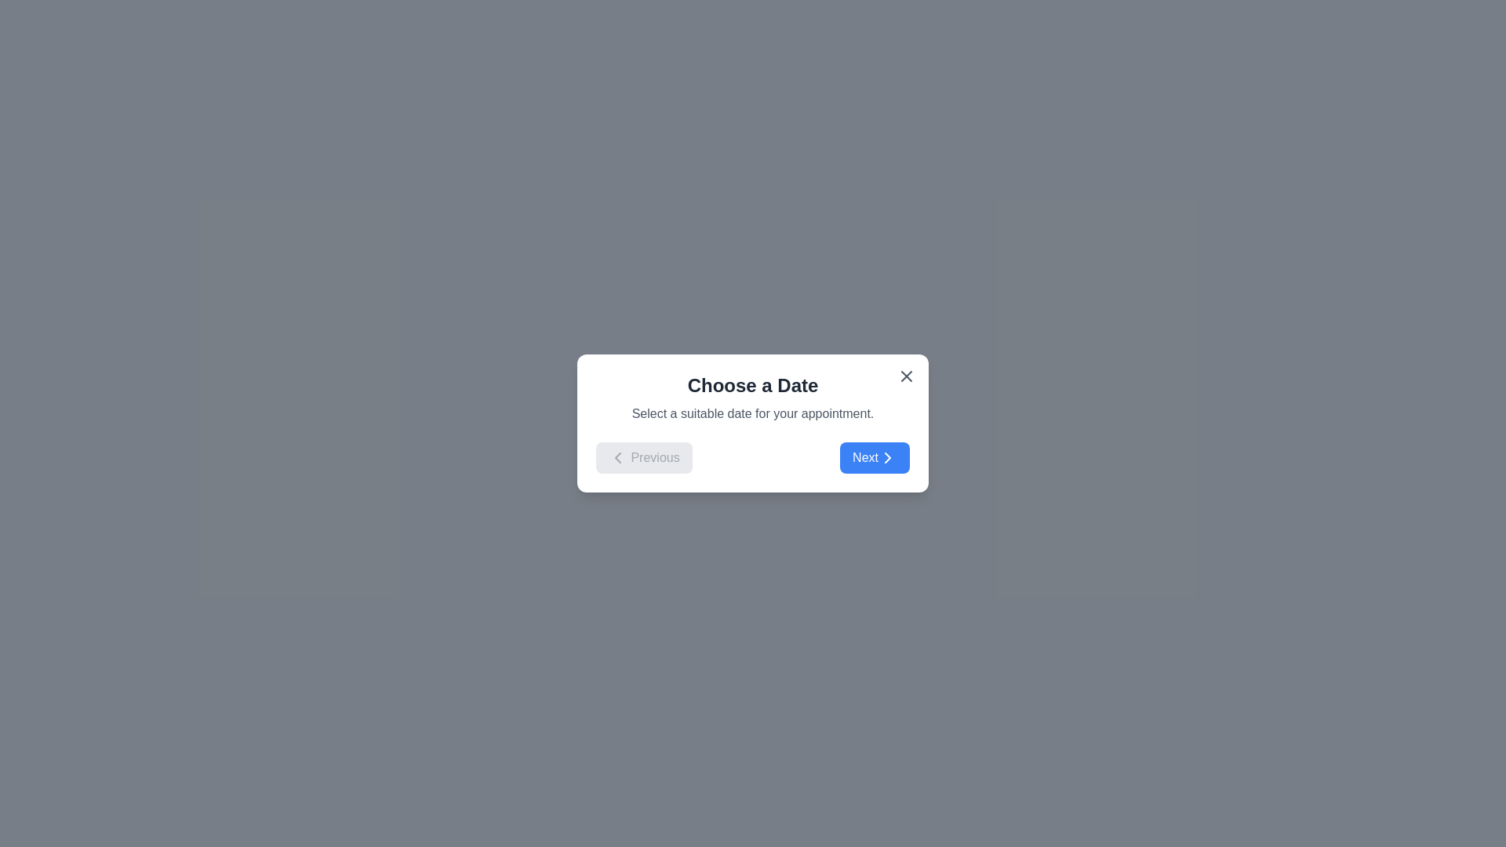  Describe the element at coordinates (907, 375) in the screenshot. I see `the close button located at the top right corner of the modal dialog to change its appearance` at that location.